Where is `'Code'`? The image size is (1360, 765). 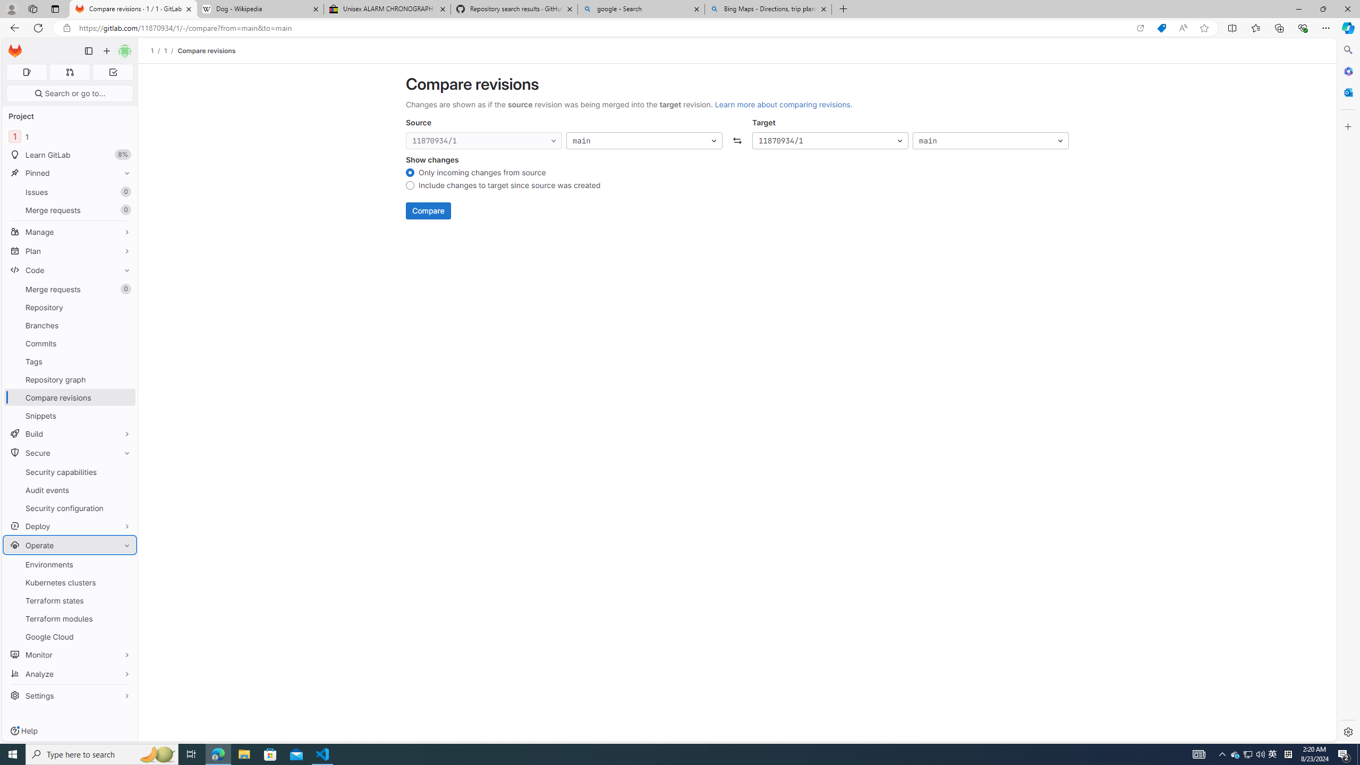 'Code' is located at coordinates (69, 270).